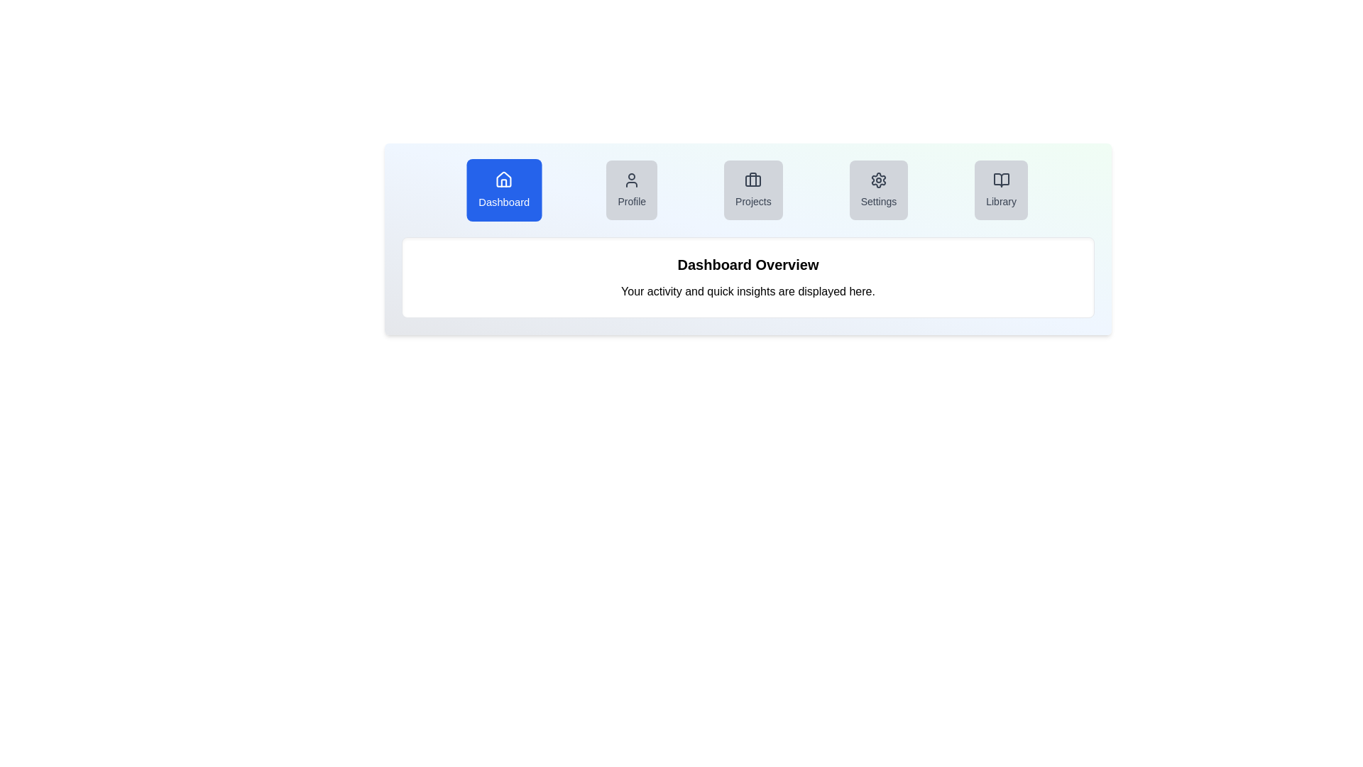 Image resolution: width=1363 pixels, height=767 pixels. Describe the element at coordinates (1000, 180) in the screenshot. I see `the left page of the open book icon within the 'Library' button in the navigation bar` at that location.